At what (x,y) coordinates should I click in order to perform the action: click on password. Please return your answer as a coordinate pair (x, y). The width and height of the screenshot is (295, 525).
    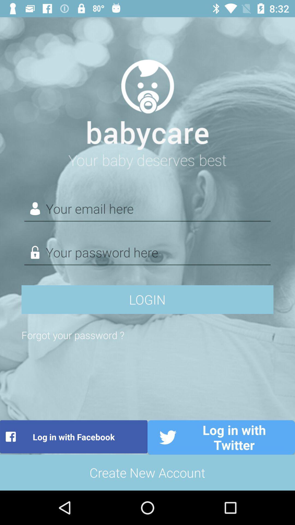
    Looking at the image, I should click on (147, 252).